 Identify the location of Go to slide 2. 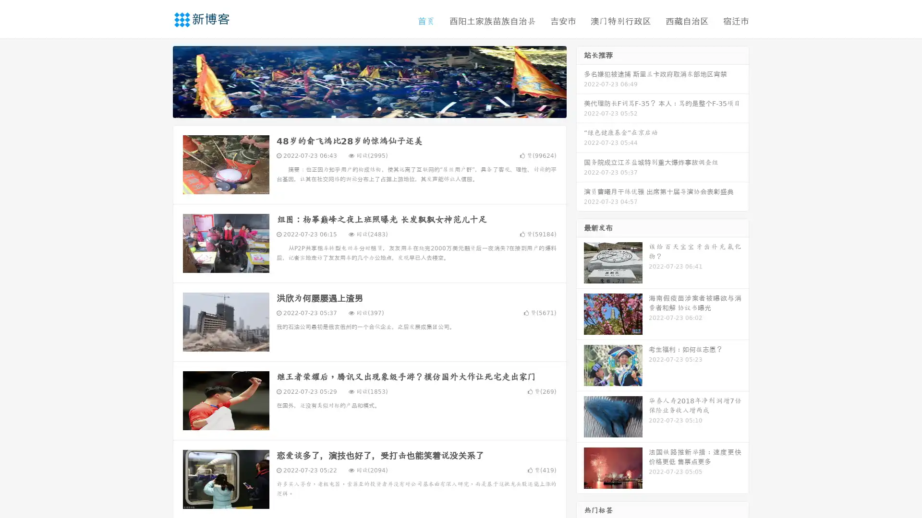
(369, 108).